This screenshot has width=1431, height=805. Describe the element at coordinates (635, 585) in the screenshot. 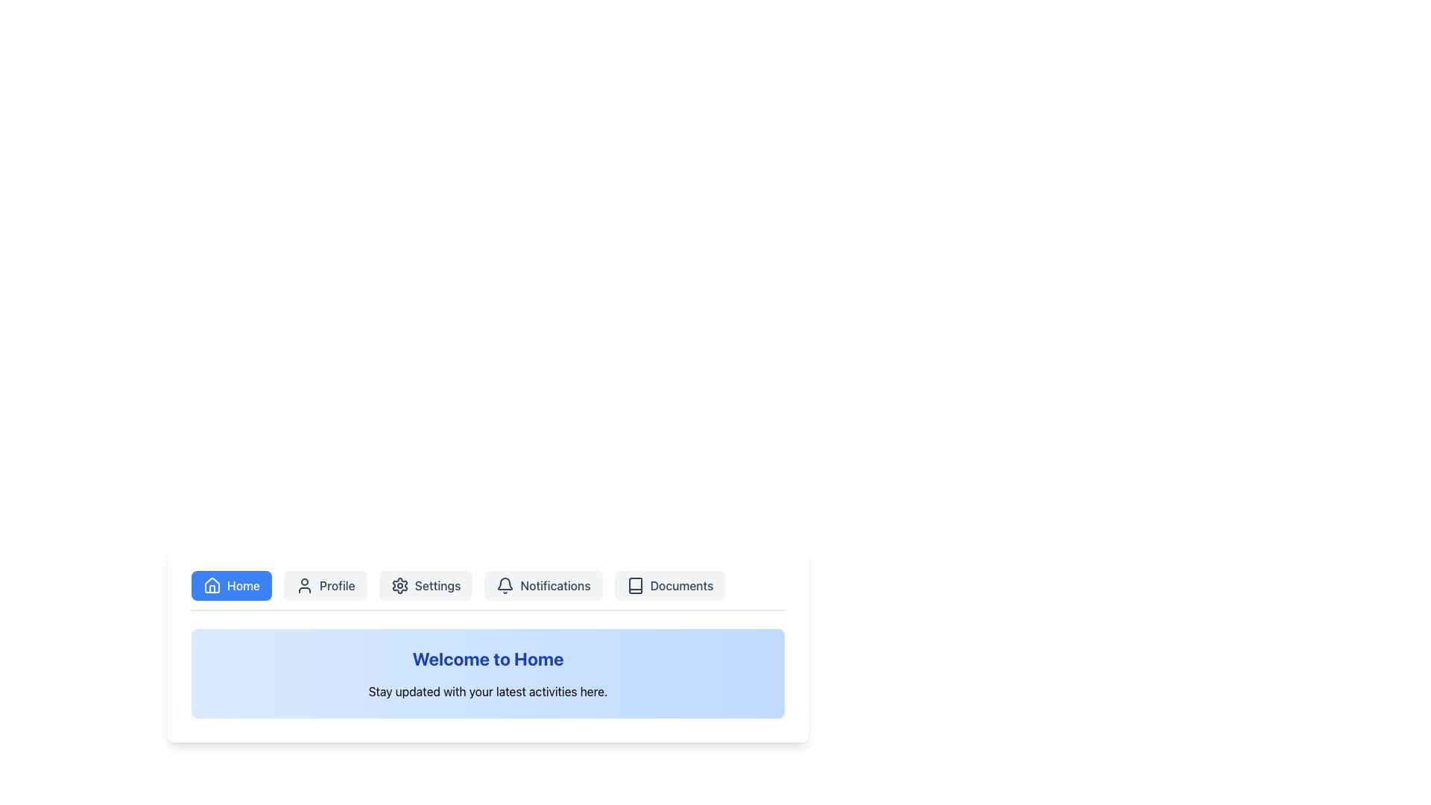

I see `the 'Documents' icon located in the navigation row on the far-right side of the menu bar` at that location.